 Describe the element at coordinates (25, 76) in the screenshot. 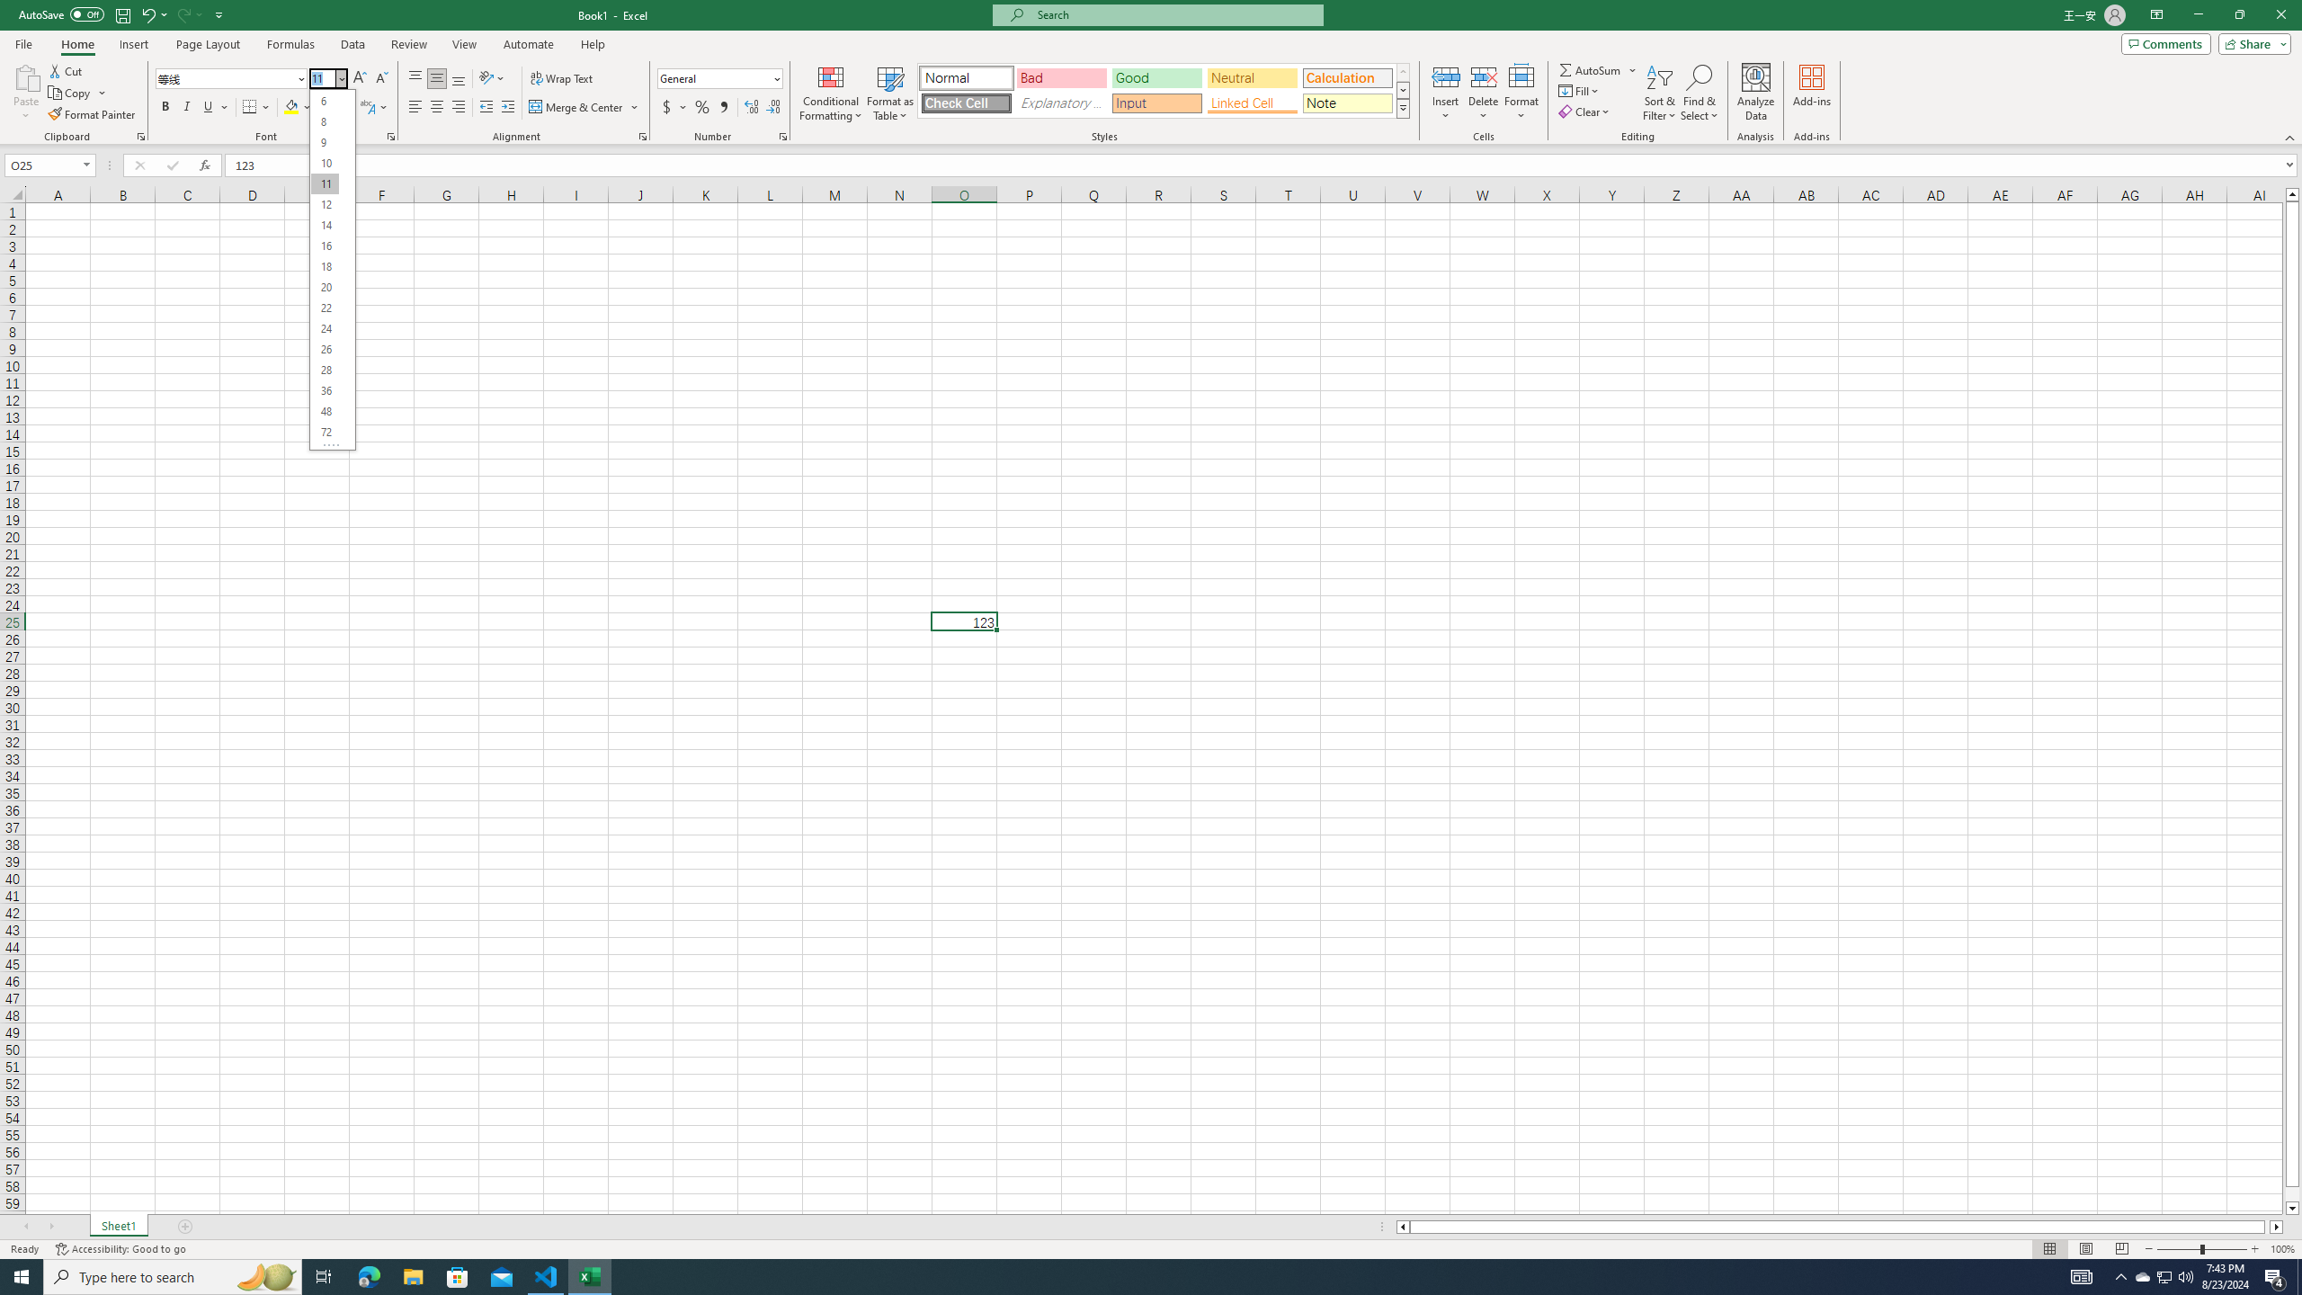

I see `'Paste'` at that location.